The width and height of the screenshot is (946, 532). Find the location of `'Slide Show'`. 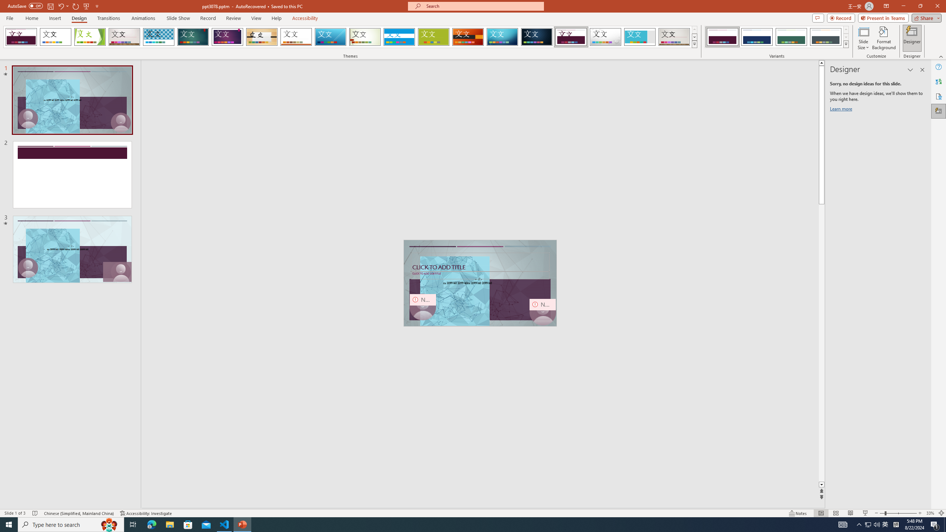

'Slide Show' is located at coordinates (178, 18).